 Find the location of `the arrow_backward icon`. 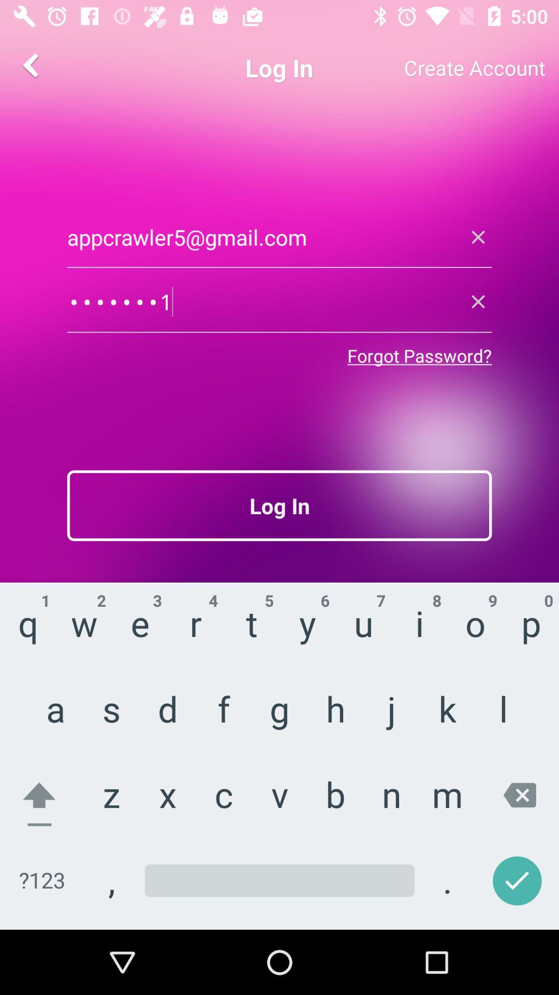

the arrow_backward icon is located at coordinates (31, 63).